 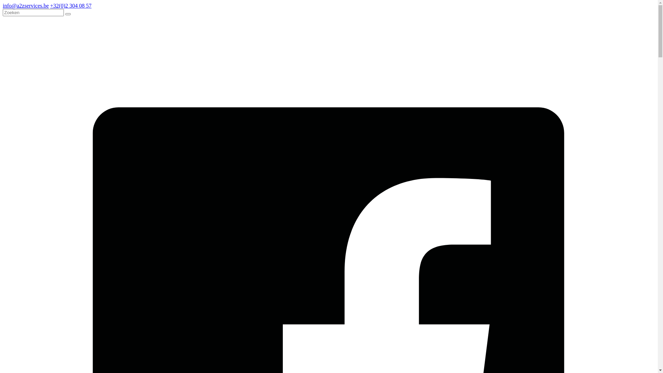 What do you see at coordinates (26, 6) in the screenshot?
I see `'info@a2zservices.be'` at bounding box center [26, 6].